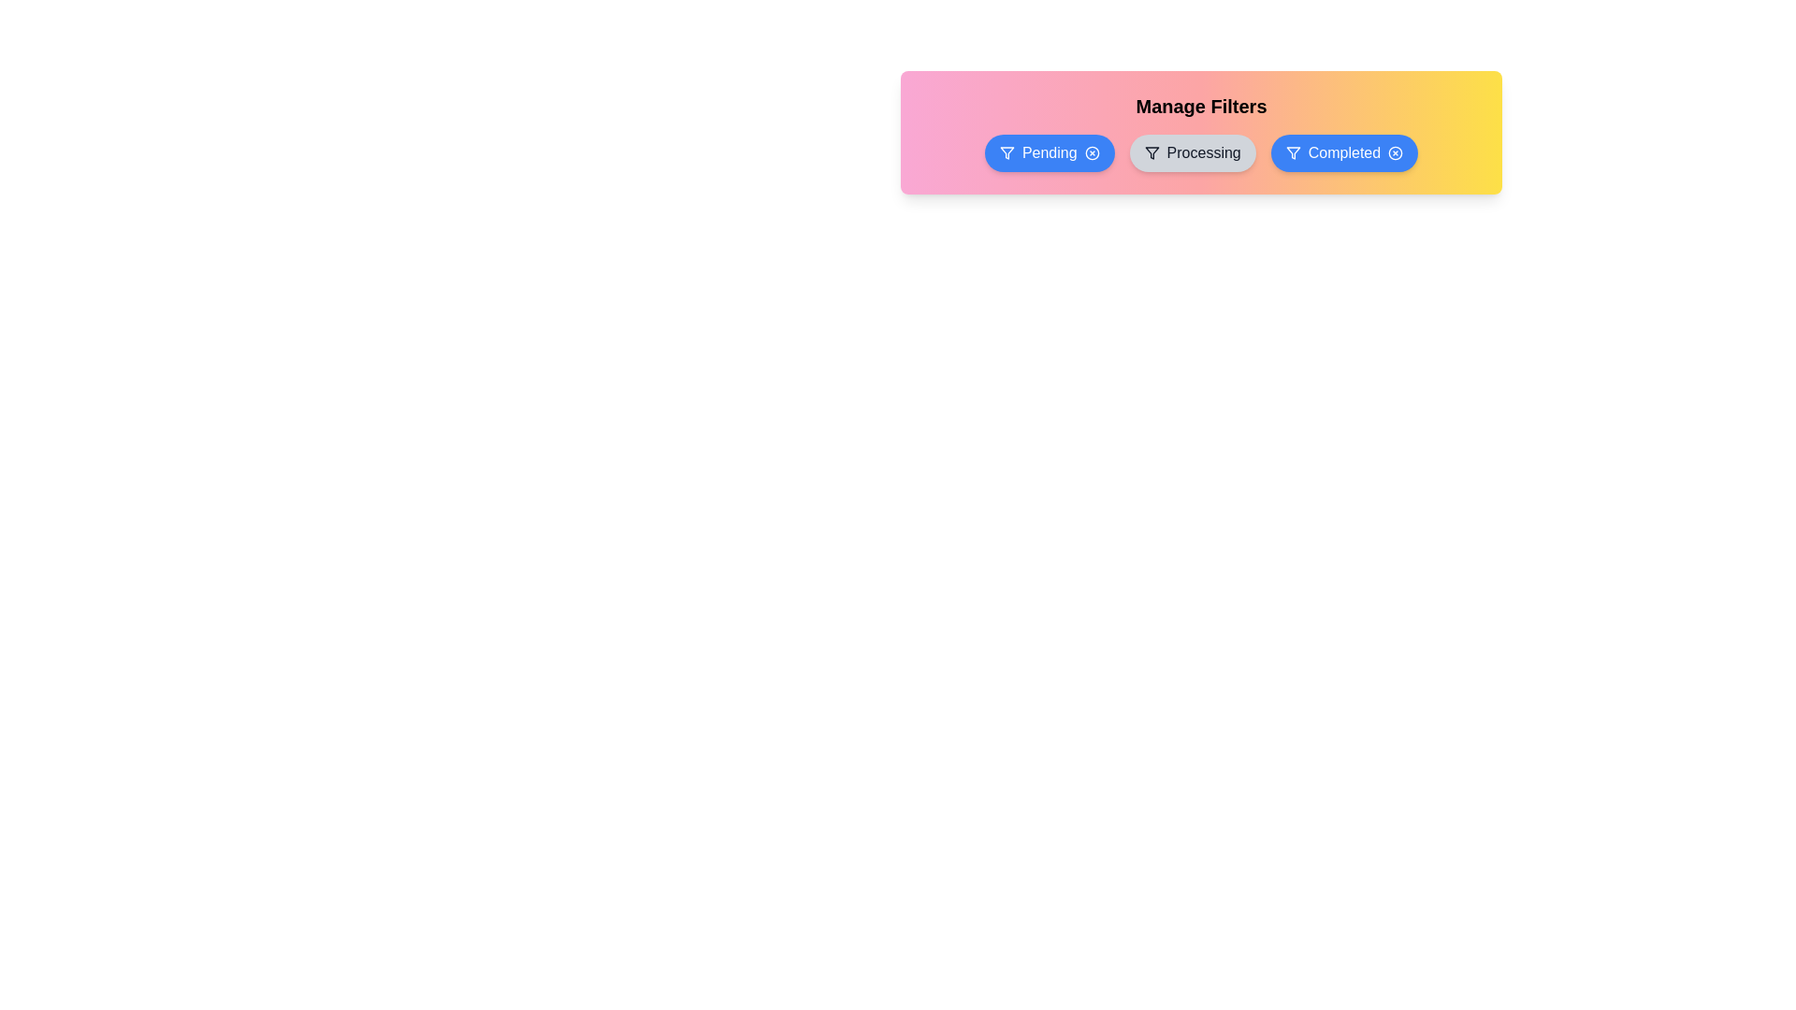 The image size is (1796, 1010). Describe the element at coordinates (1192, 152) in the screenshot. I see `the filter Processing` at that location.